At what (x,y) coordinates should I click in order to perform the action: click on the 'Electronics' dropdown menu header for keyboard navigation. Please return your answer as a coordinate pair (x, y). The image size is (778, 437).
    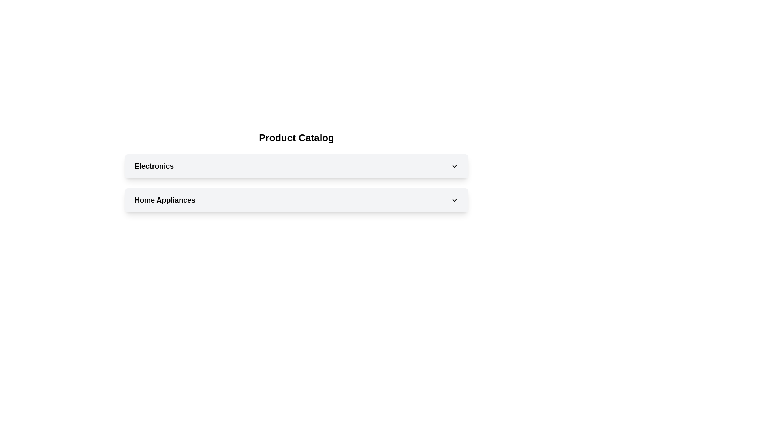
    Looking at the image, I should click on (296, 166).